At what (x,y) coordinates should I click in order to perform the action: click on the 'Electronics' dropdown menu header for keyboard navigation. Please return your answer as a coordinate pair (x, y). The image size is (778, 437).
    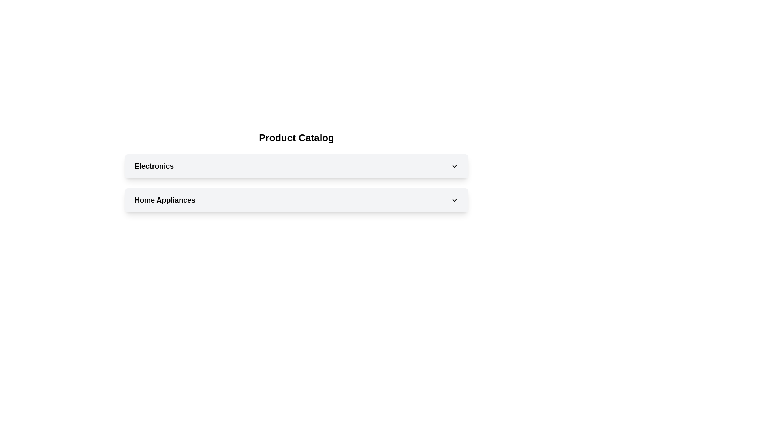
    Looking at the image, I should click on (296, 166).